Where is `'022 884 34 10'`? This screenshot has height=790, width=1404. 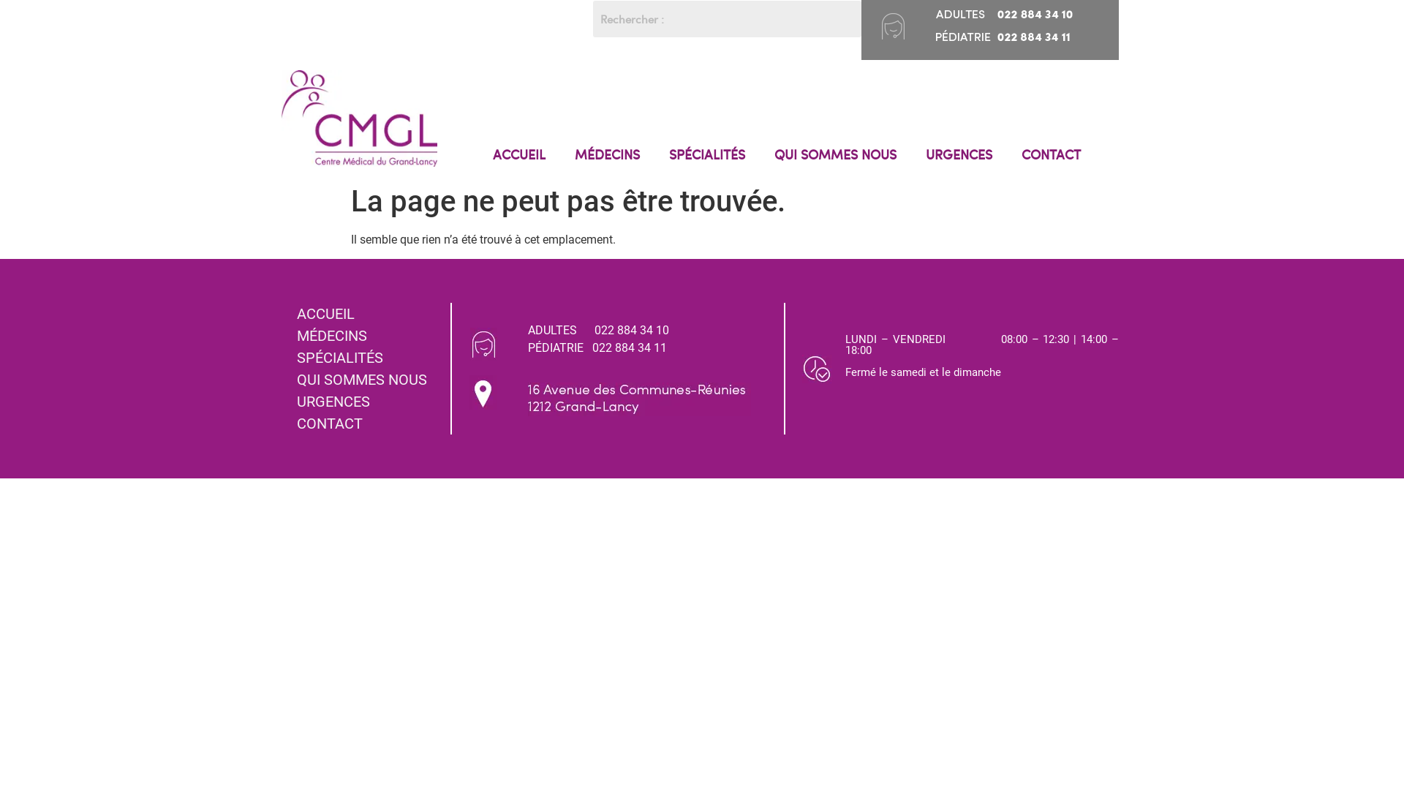 '022 884 34 10' is located at coordinates (632, 330).